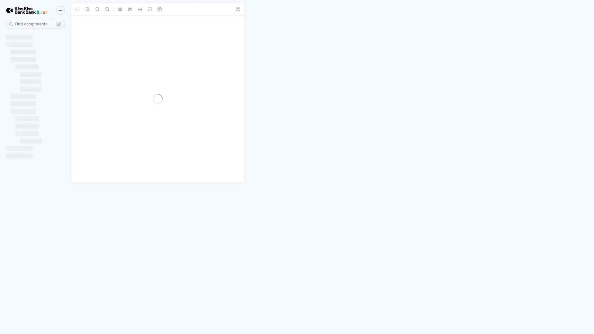 The height and width of the screenshot is (334, 594). I want to click on ACCESSIBILITY, so click(26, 162).